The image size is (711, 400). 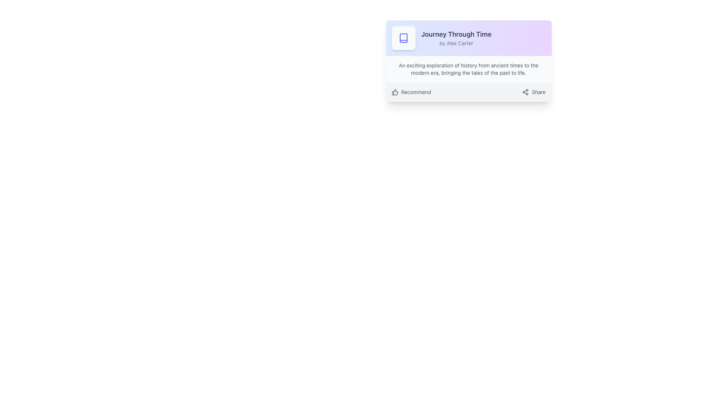 What do you see at coordinates (403, 38) in the screenshot?
I see `the book icon styled with a minimalist line drawing in bold indigo color, located inside a square white background with a gray border at the top-left corner of the card` at bounding box center [403, 38].